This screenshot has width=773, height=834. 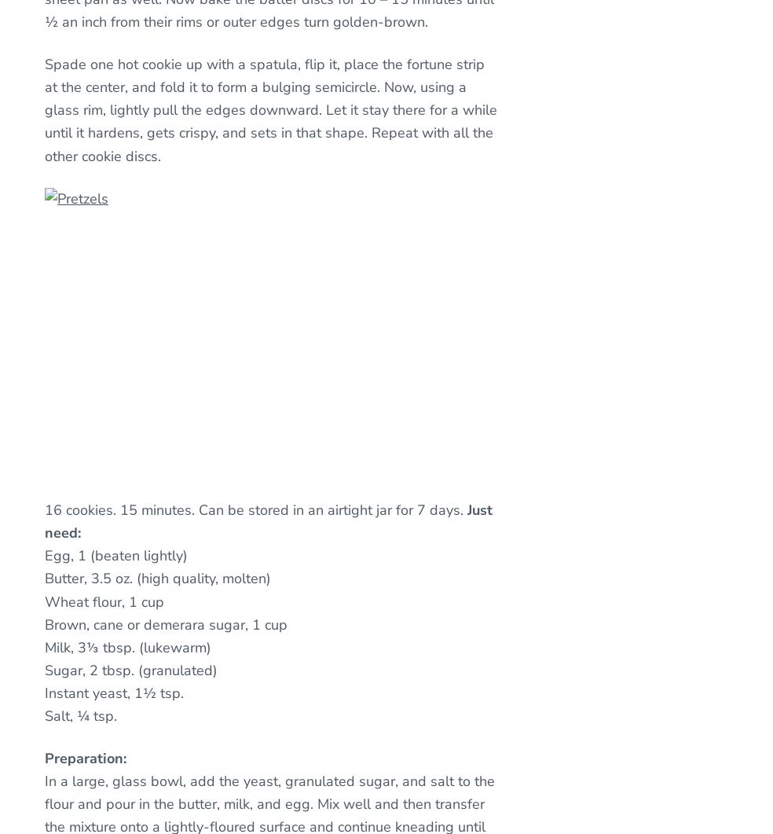 What do you see at coordinates (115, 555) in the screenshot?
I see `'Egg, 1 (beaten lightly)'` at bounding box center [115, 555].